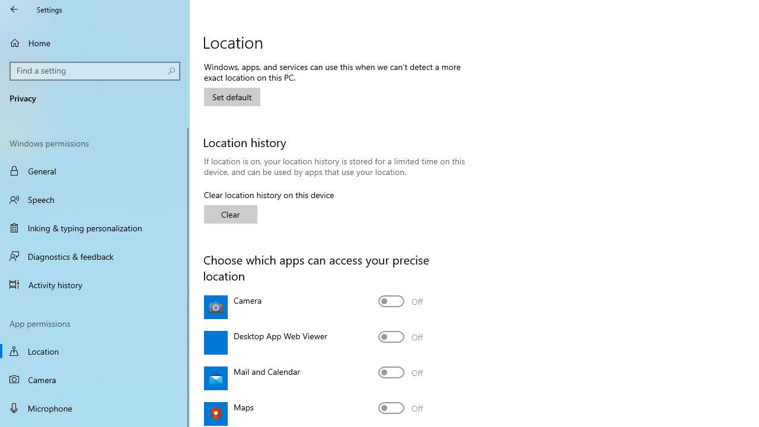 The width and height of the screenshot is (759, 427). Describe the element at coordinates (14, 9) in the screenshot. I see `'Back'` at that location.